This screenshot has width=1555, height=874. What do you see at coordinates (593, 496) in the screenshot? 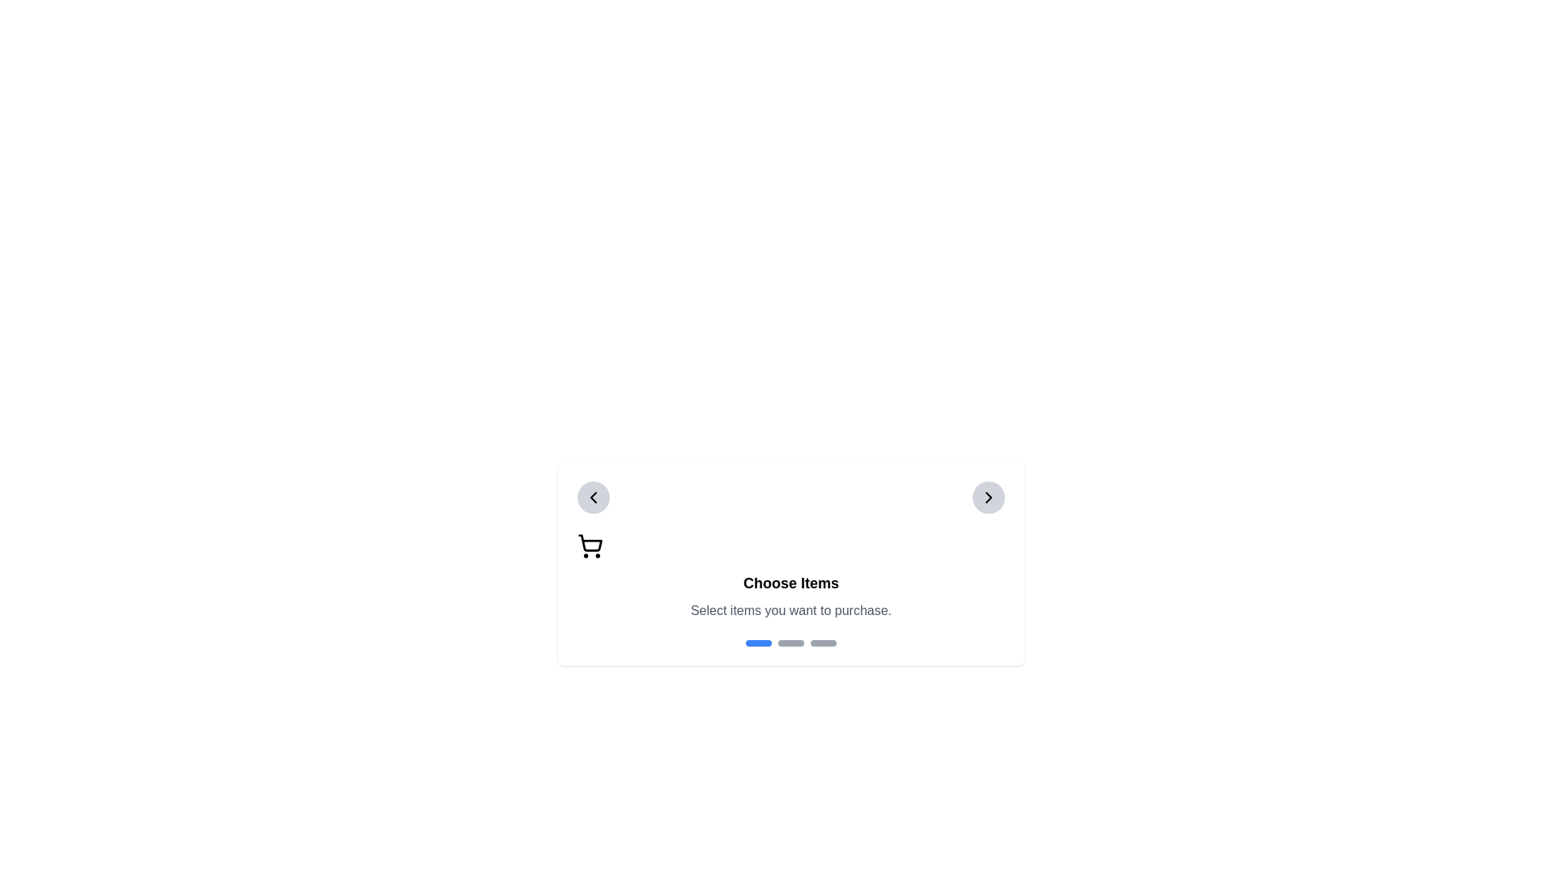
I see `the left arrow button to navigate to the previous step` at bounding box center [593, 496].